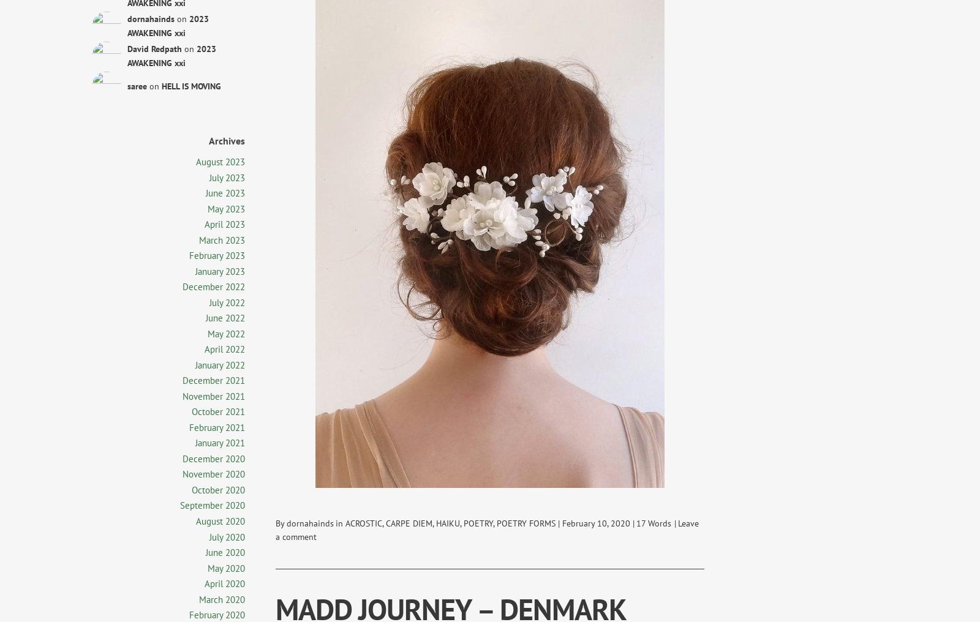  What do you see at coordinates (127, 48) in the screenshot?
I see `'David Redpath'` at bounding box center [127, 48].